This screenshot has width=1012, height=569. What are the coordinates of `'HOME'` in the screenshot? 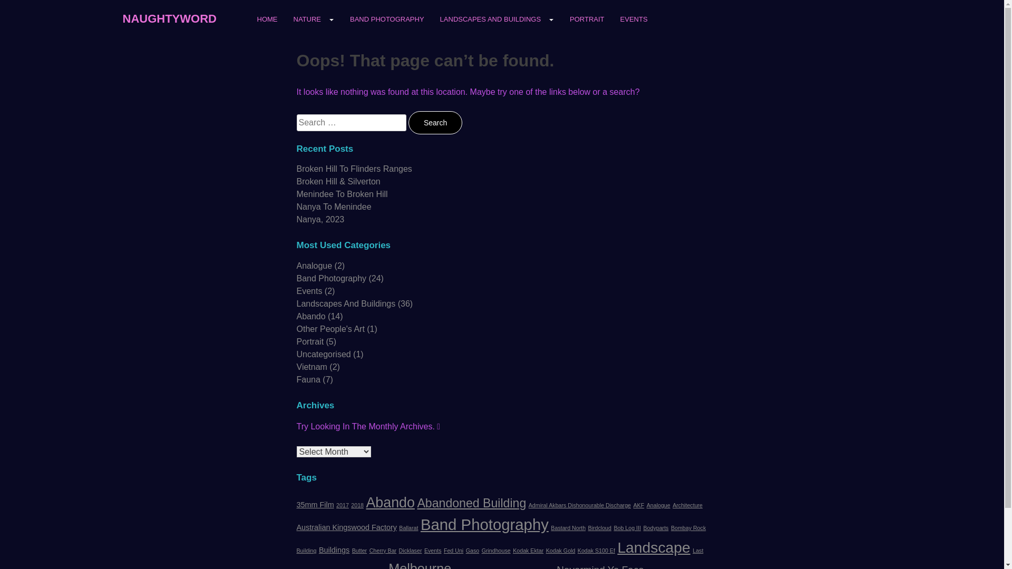 It's located at (267, 22).